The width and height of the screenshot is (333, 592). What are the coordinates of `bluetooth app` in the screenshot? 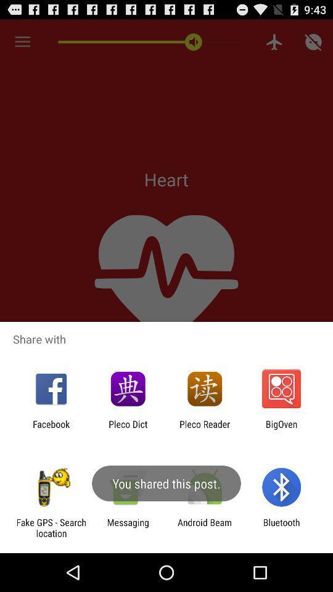 It's located at (281, 527).